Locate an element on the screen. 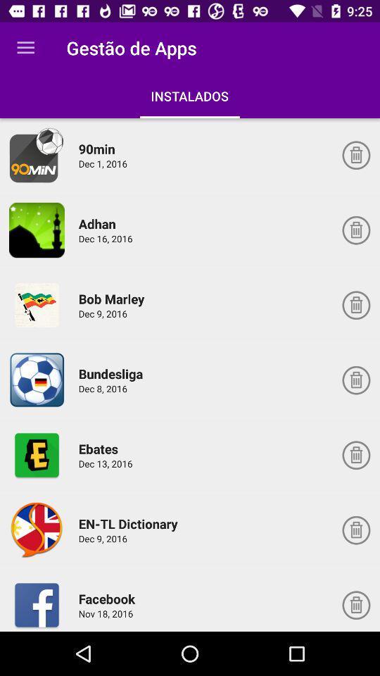 The image size is (380, 676). open app info is located at coordinates (37, 155).